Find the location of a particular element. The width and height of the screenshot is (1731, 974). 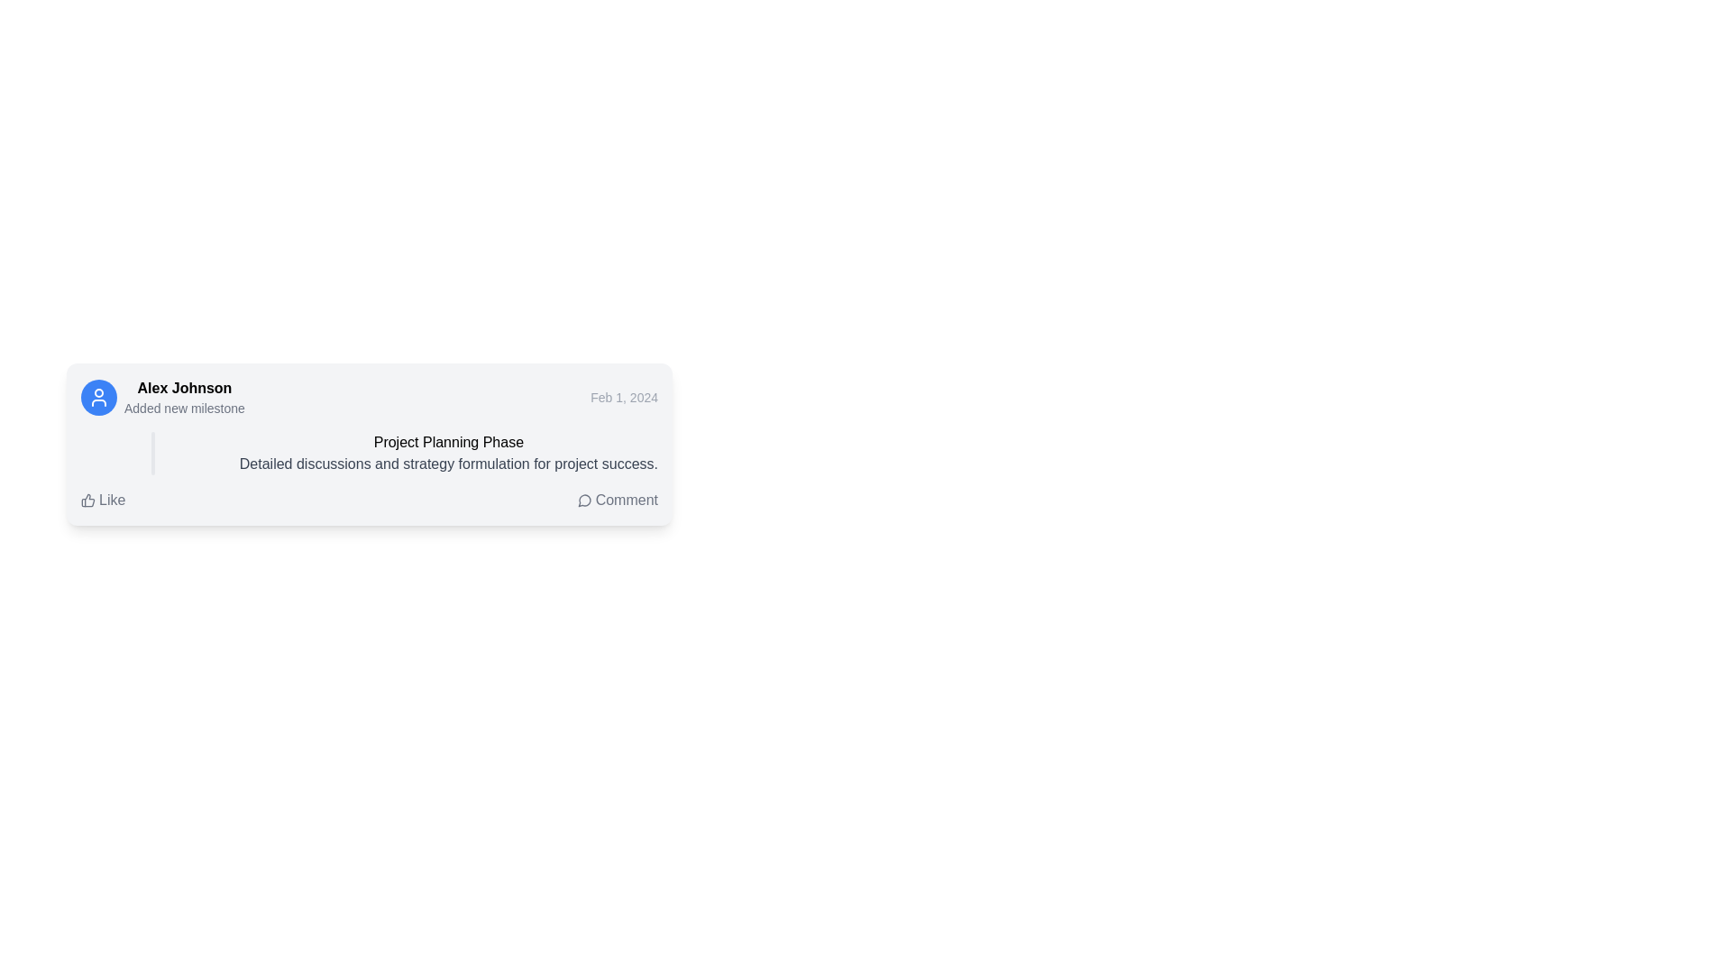

the 'Like' text label, which is positioned adjacent to a thumb-up icon at the bottom-left corner of a content card is located at coordinates (111, 501).